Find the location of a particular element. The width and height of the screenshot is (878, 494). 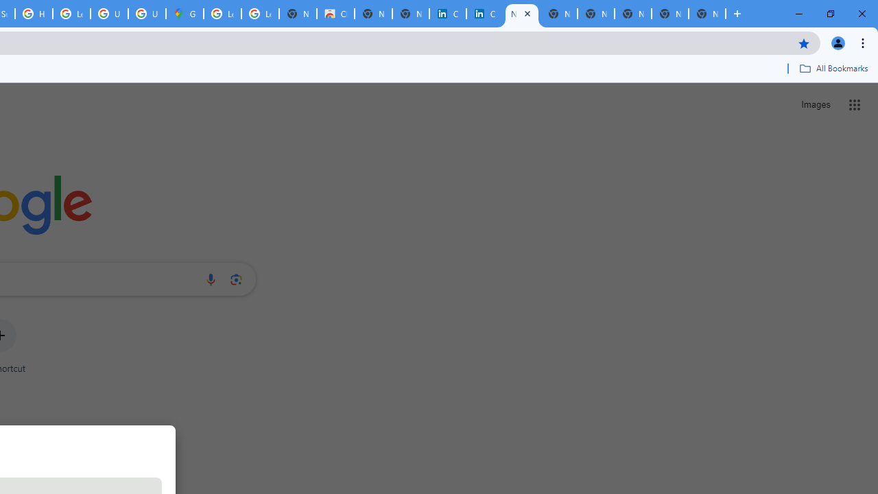

'Chrome Web Store' is located at coordinates (335, 14).